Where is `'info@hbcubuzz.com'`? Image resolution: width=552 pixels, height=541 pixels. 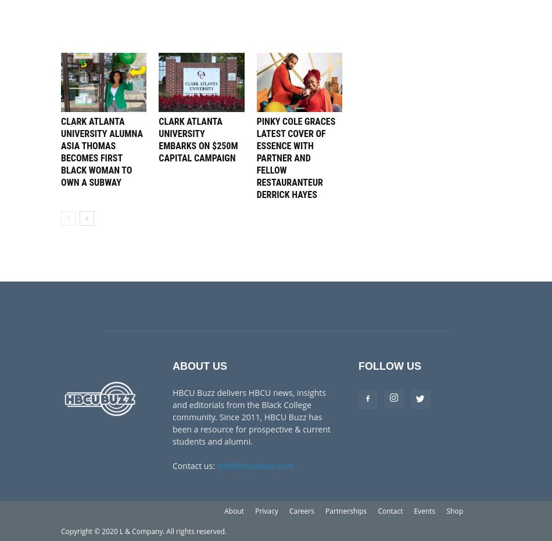
'info@hbcubuzz.com' is located at coordinates (255, 465).